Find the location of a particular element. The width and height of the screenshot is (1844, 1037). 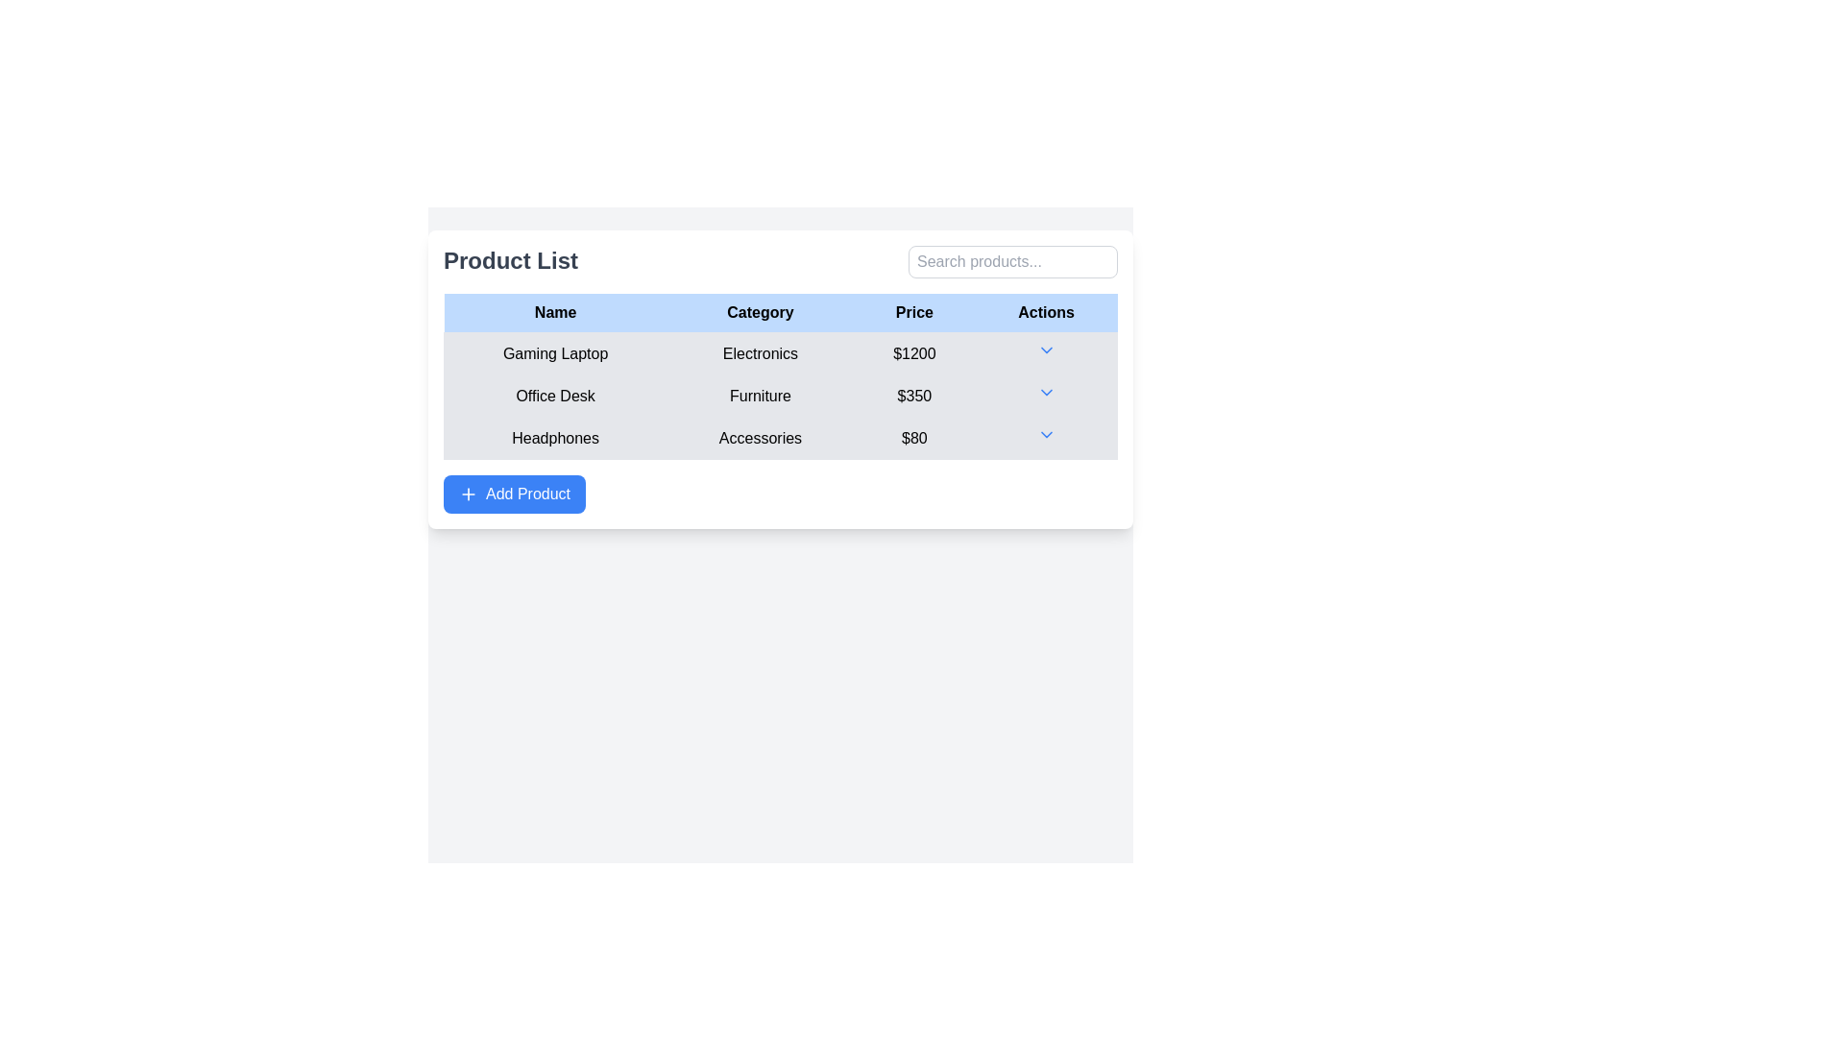

the static text display showing the price "$80" located in the fourth column of the last row of the table under the "Price" column corresponding to the "Headphones" row is located at coordinates (913, 438).